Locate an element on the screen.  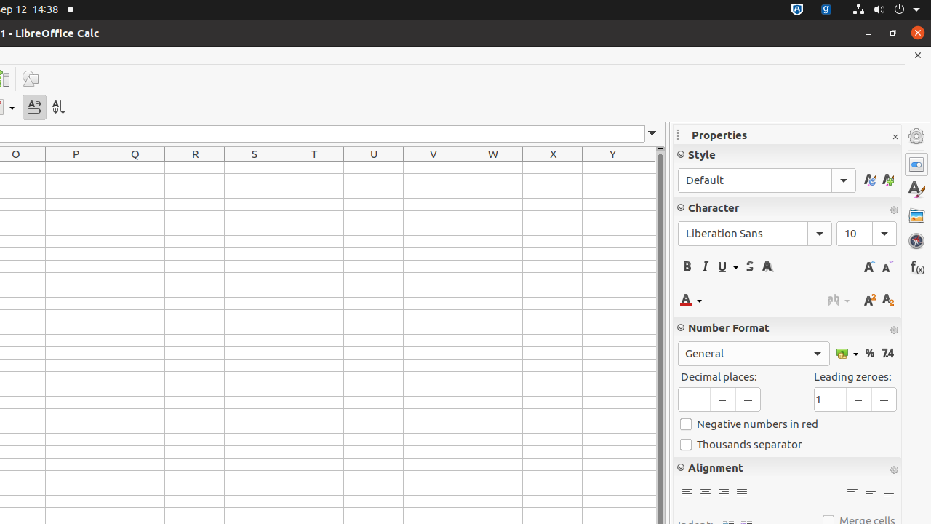
'Number' is located at coordinates (887, 353).